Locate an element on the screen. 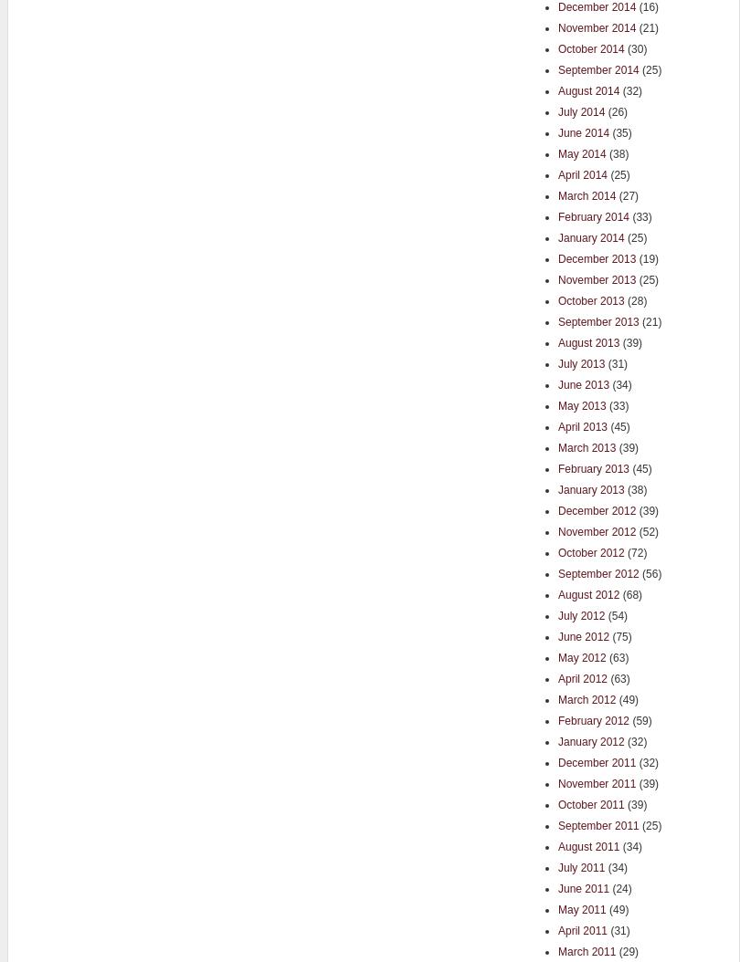  'April 2014' is located at coordinates (556, 173).